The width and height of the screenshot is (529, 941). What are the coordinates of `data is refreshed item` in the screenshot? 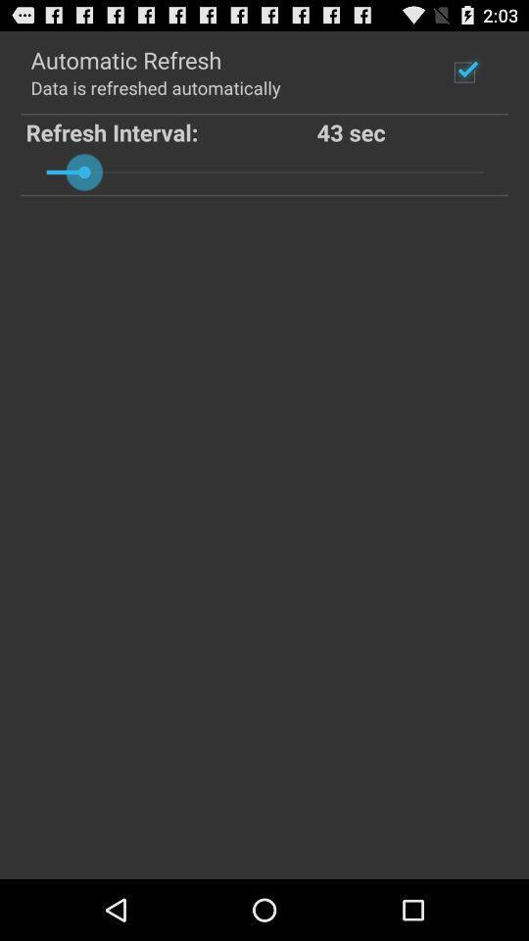 It's located at (154, 87).